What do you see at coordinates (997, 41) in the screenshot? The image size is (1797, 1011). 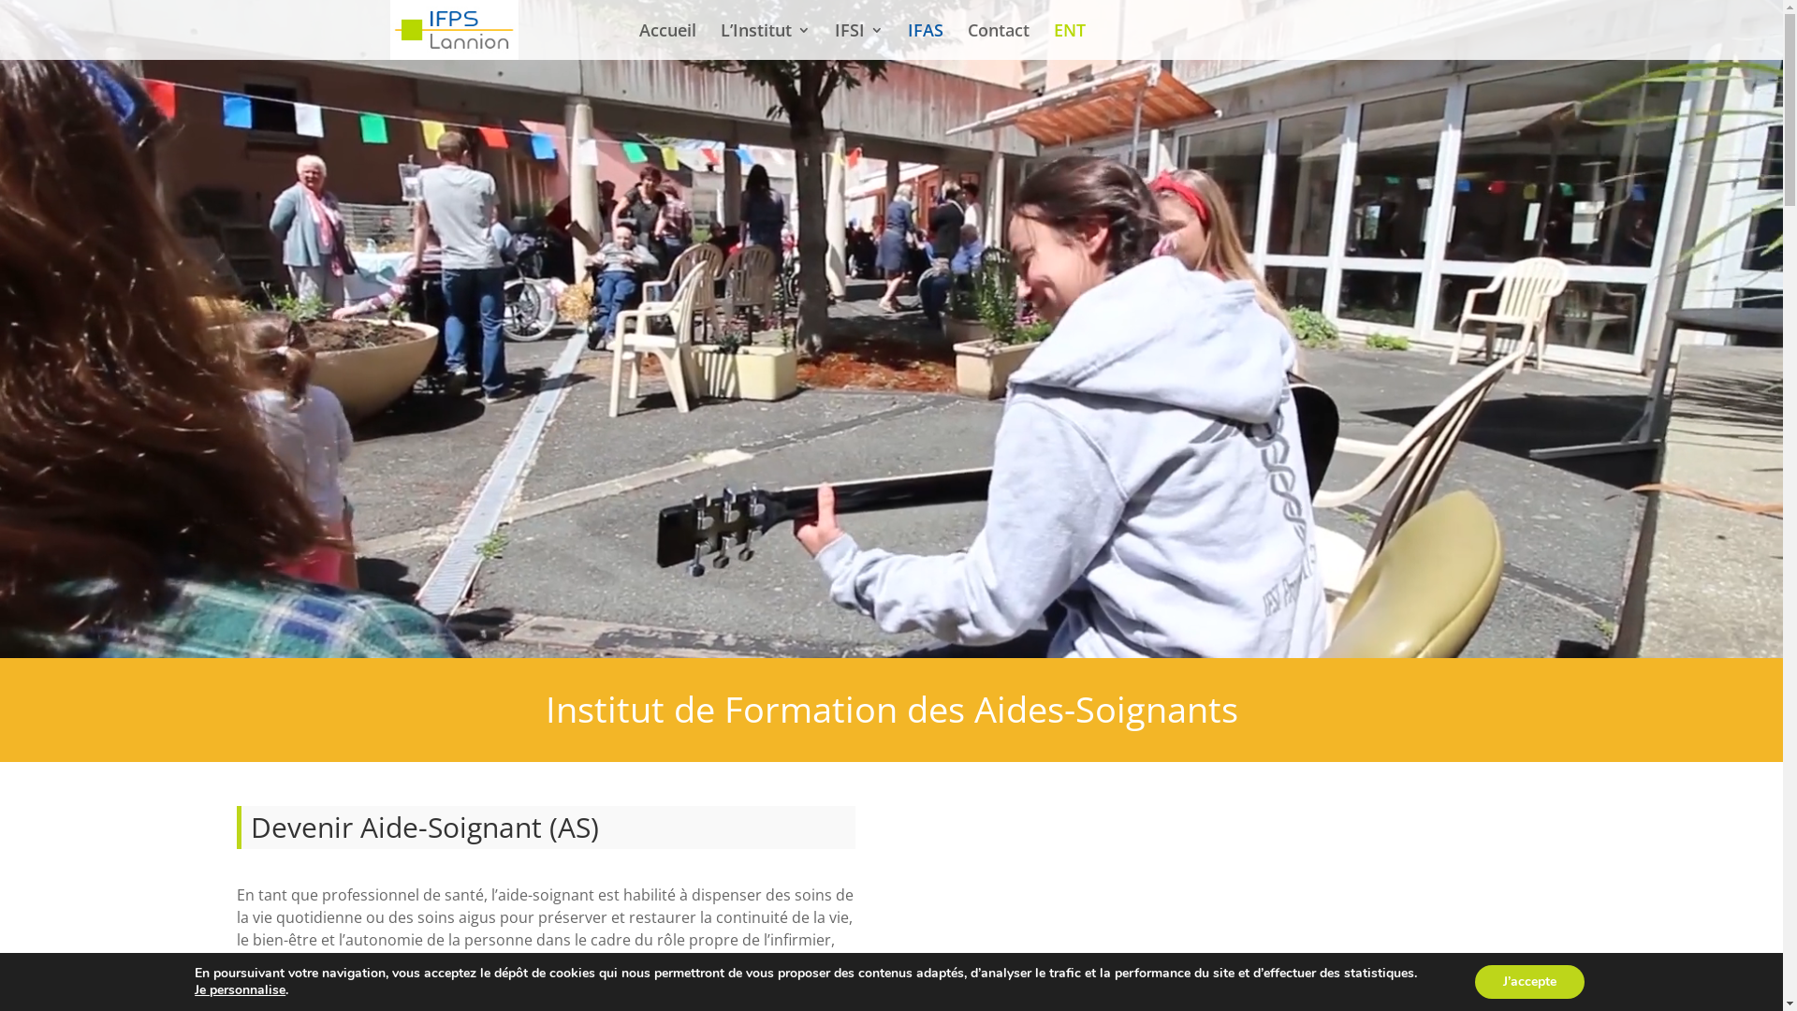 I see `'Contact'` at bounding box center [997, 41].